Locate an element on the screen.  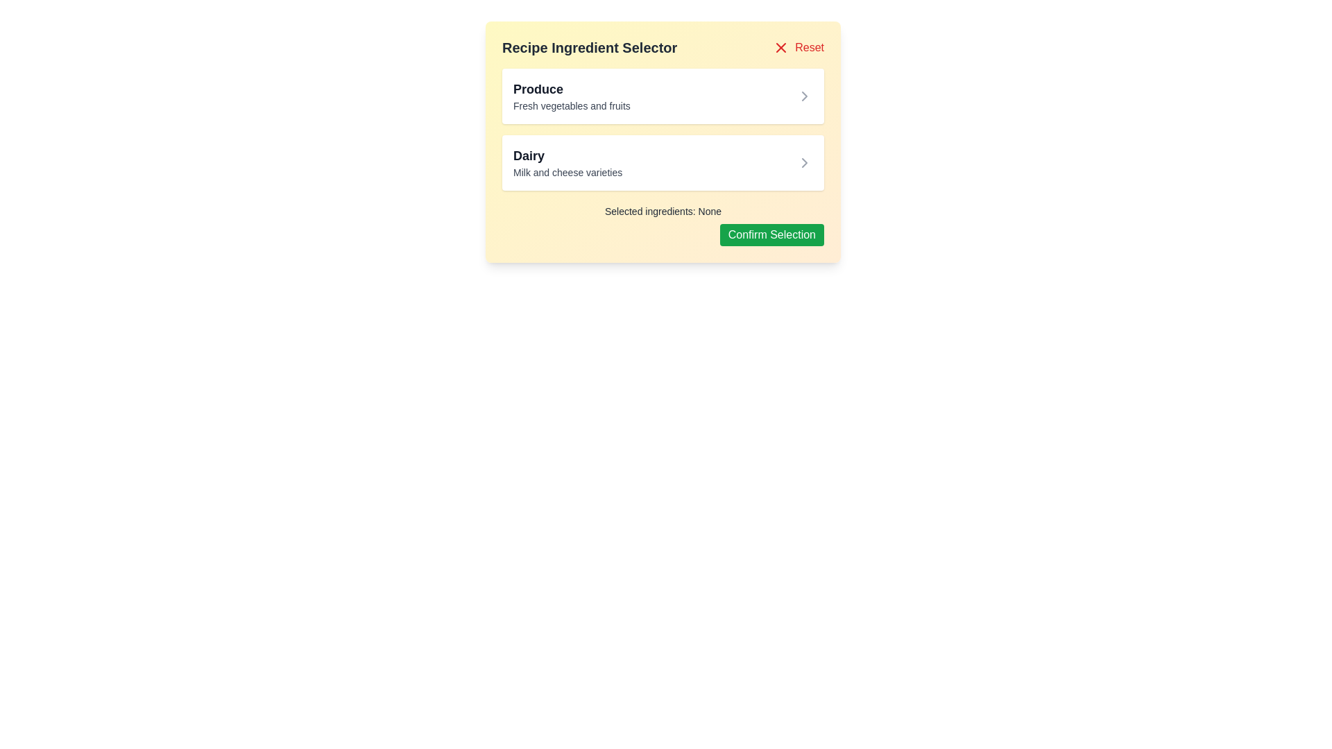
the 'Reset' button (text with accompanying icon) in the top-right corner of the 'Recipe Ingredient Selector' interface to reset selections is located at coordinates (799, 47).